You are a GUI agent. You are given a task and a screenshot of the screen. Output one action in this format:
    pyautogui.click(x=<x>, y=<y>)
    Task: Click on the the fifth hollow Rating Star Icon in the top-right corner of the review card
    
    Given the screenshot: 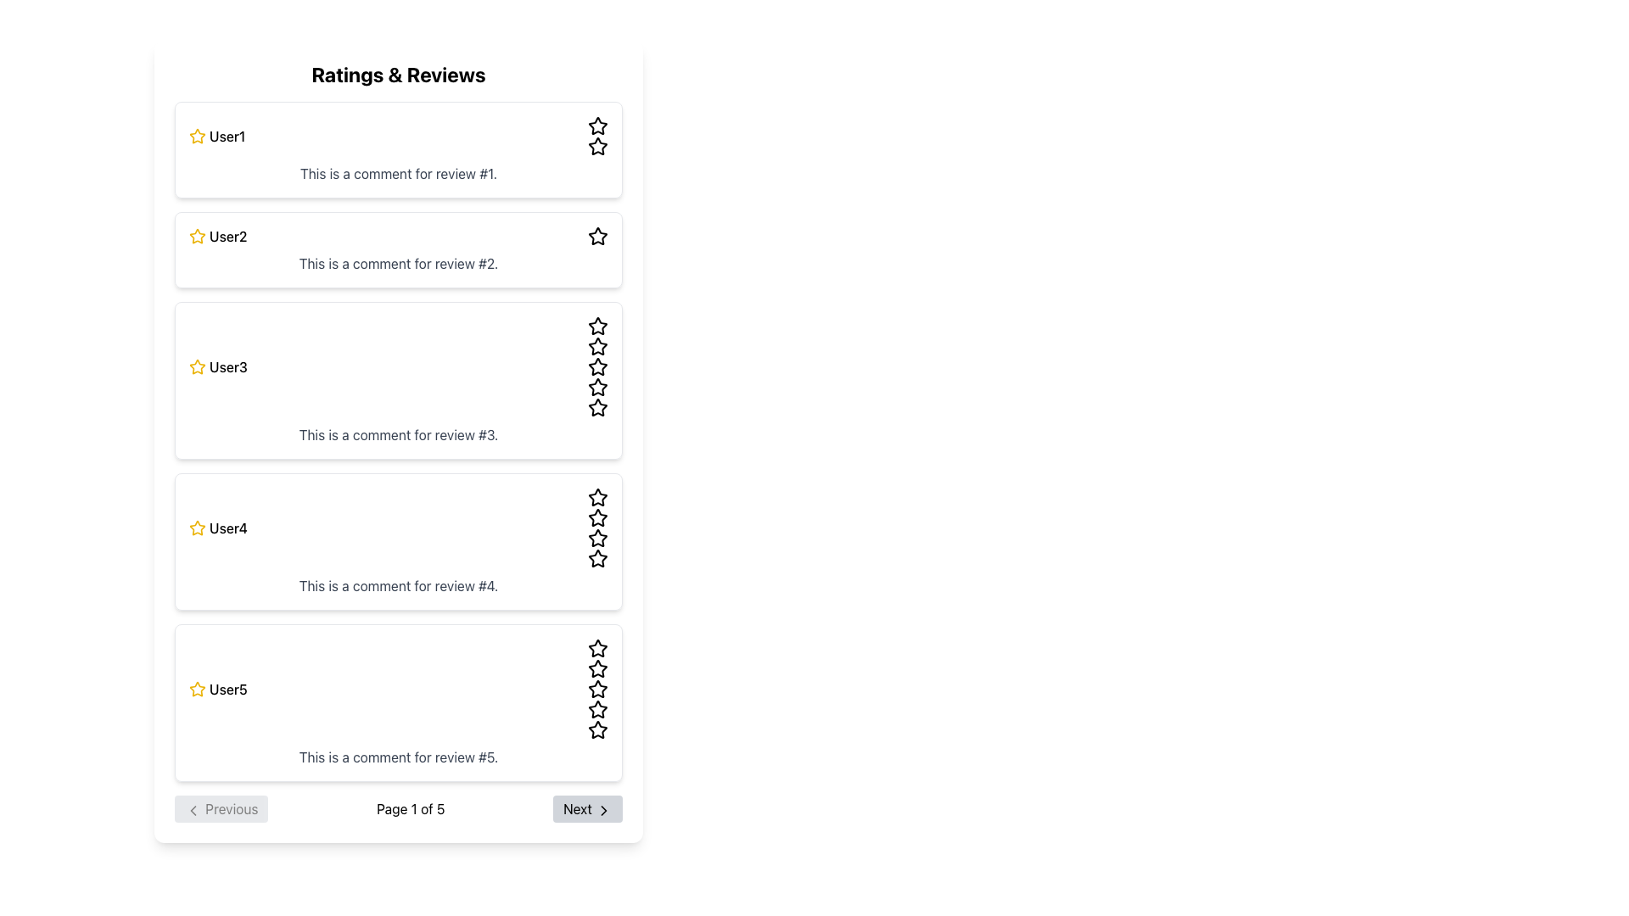 What is the action you would take?
    pyautogui.click(x=598, y=145)
    